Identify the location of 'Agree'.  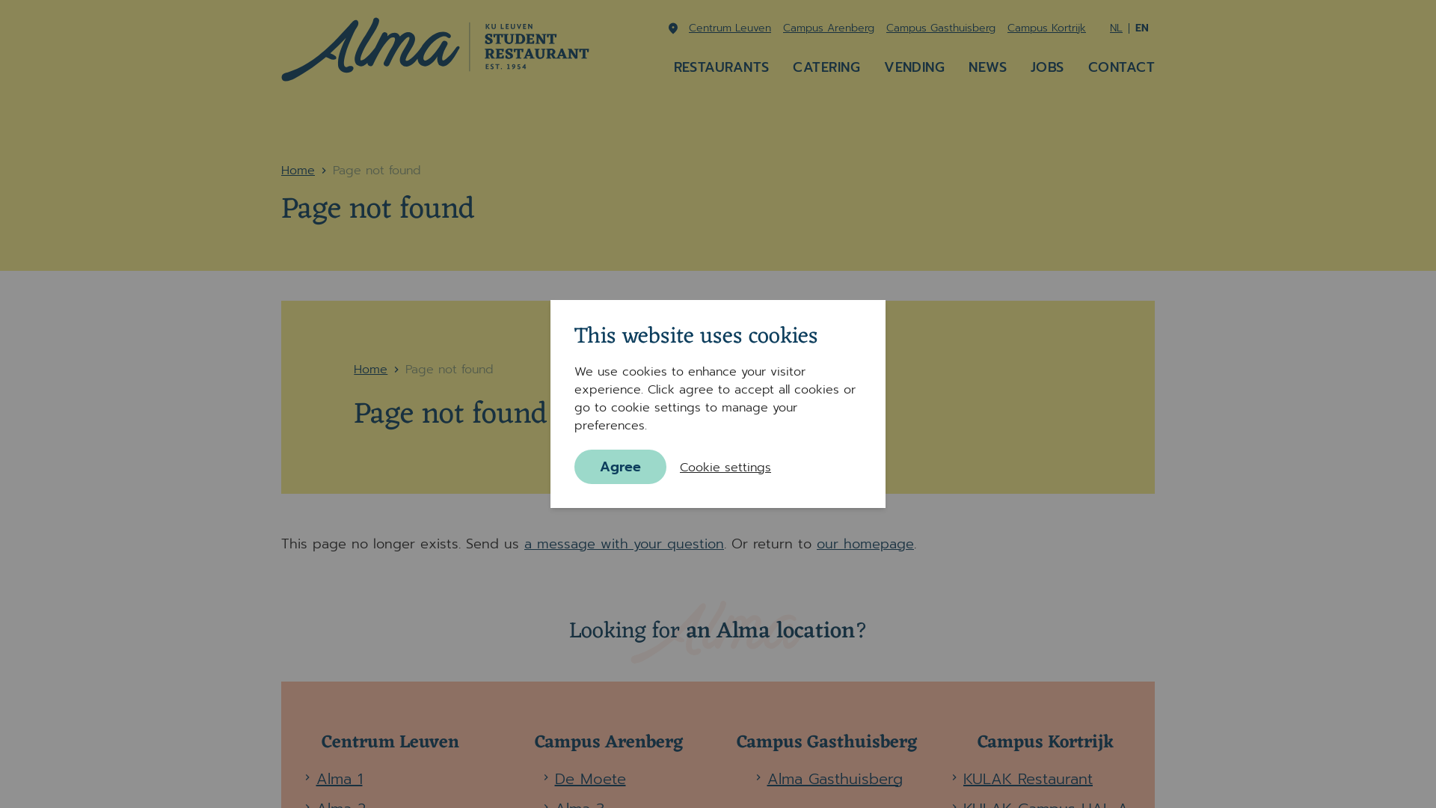
(620, 466).